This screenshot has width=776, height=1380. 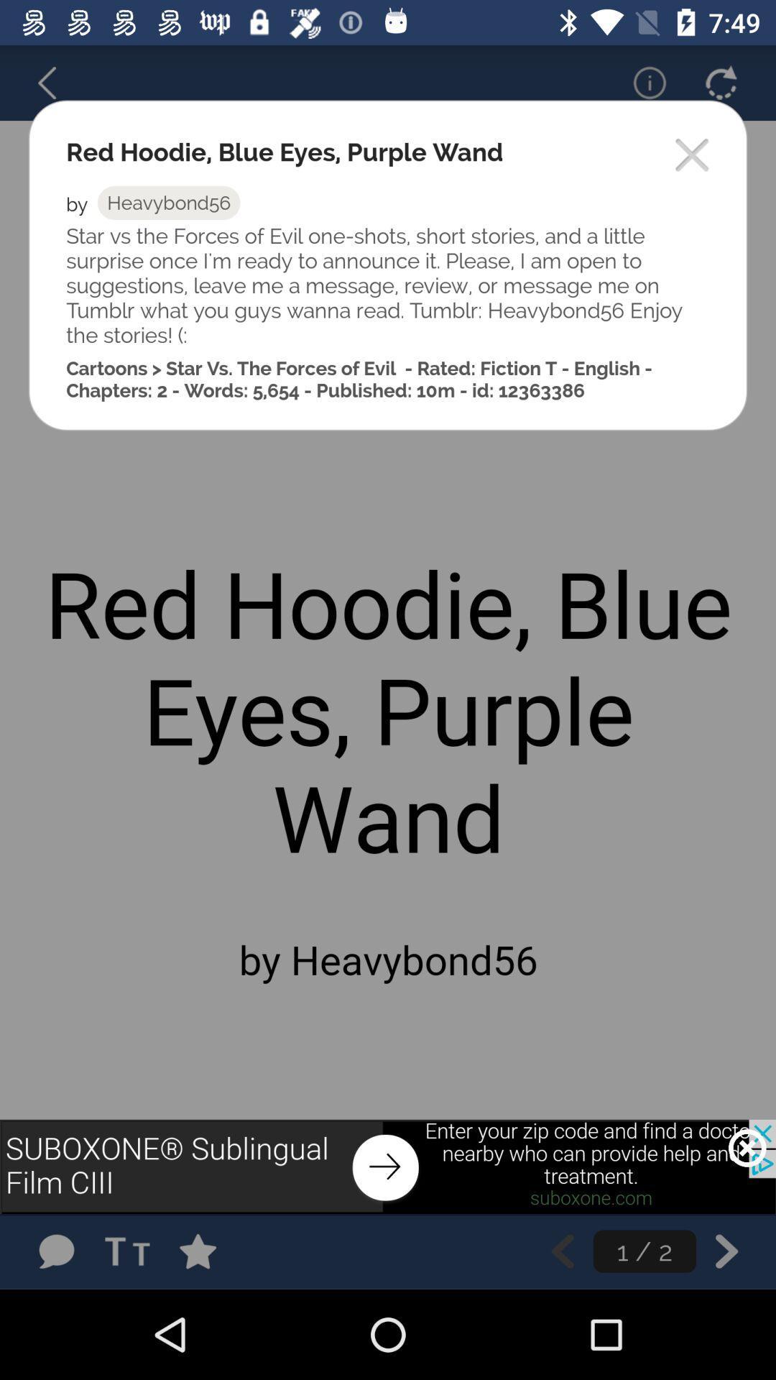 What do you see at coordinates (562, 1251) in the screenshot?
I see `go back` at bounding box center [562, 1251].